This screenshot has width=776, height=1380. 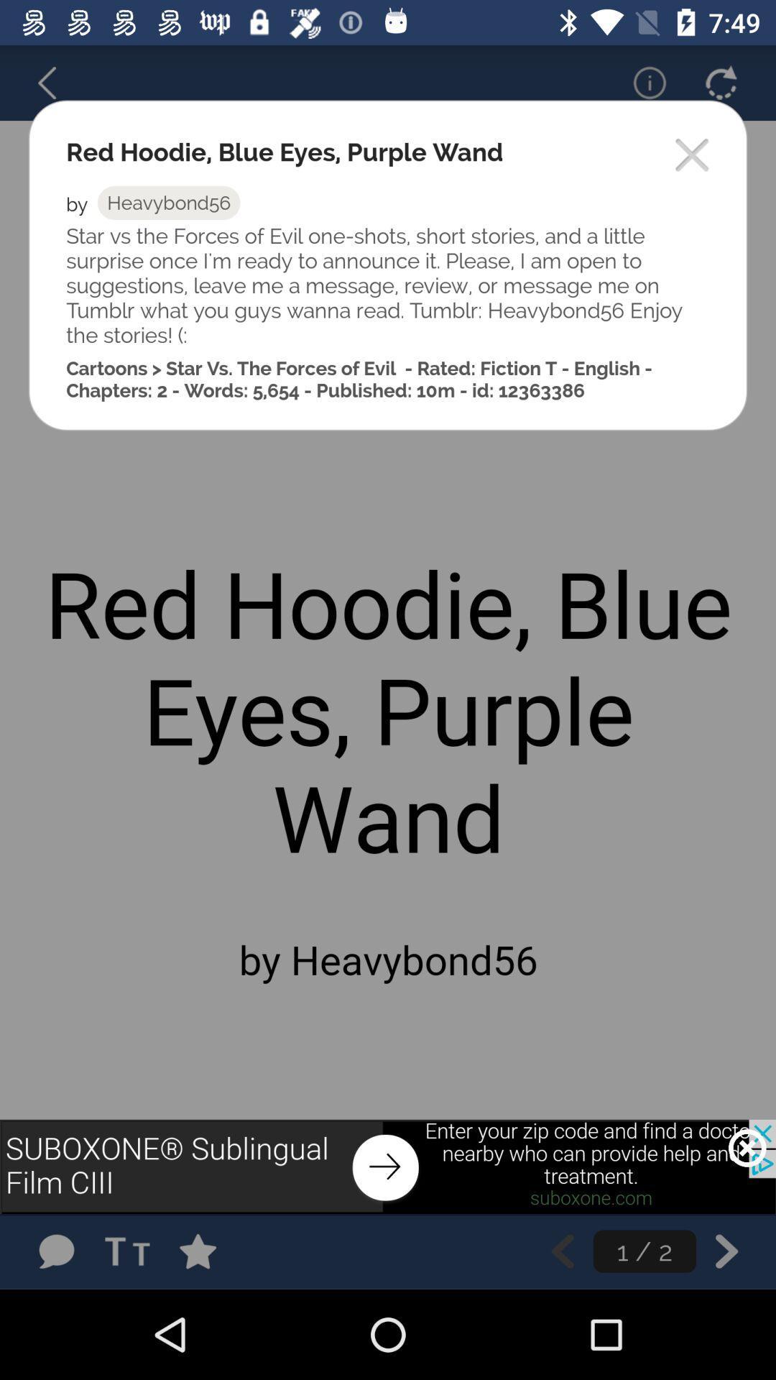 What do you see at coordinates (562, 1251) in the screenshot?
I see `go back` at bounding box center [562, 1251].